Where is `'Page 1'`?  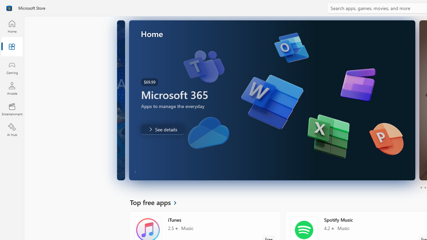
'Page 1' is located at coordinates (421, 188).